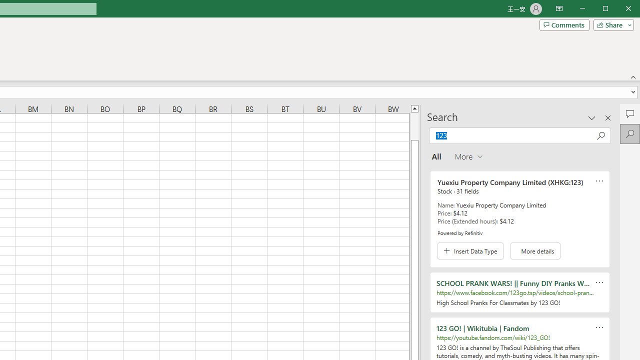 The height and width of the screenshot is (360, 640). I want to click on 'Close', so click(630, 9).